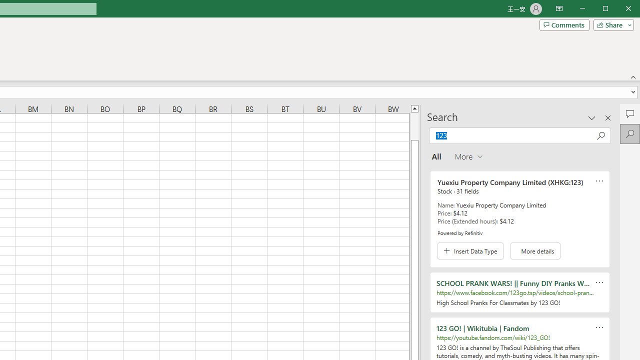 The height and width of the screenshot is (360, 640). I want to click on 'Close', so click(630, 9).